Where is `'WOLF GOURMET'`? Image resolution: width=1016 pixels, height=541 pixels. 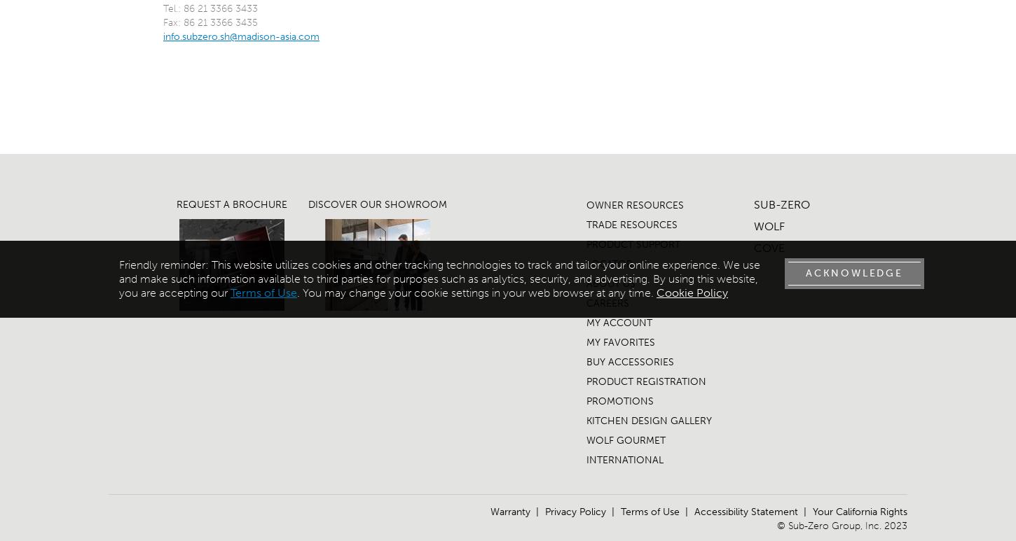
'WOLF GOURMET' is located at coordinates (586, 440).